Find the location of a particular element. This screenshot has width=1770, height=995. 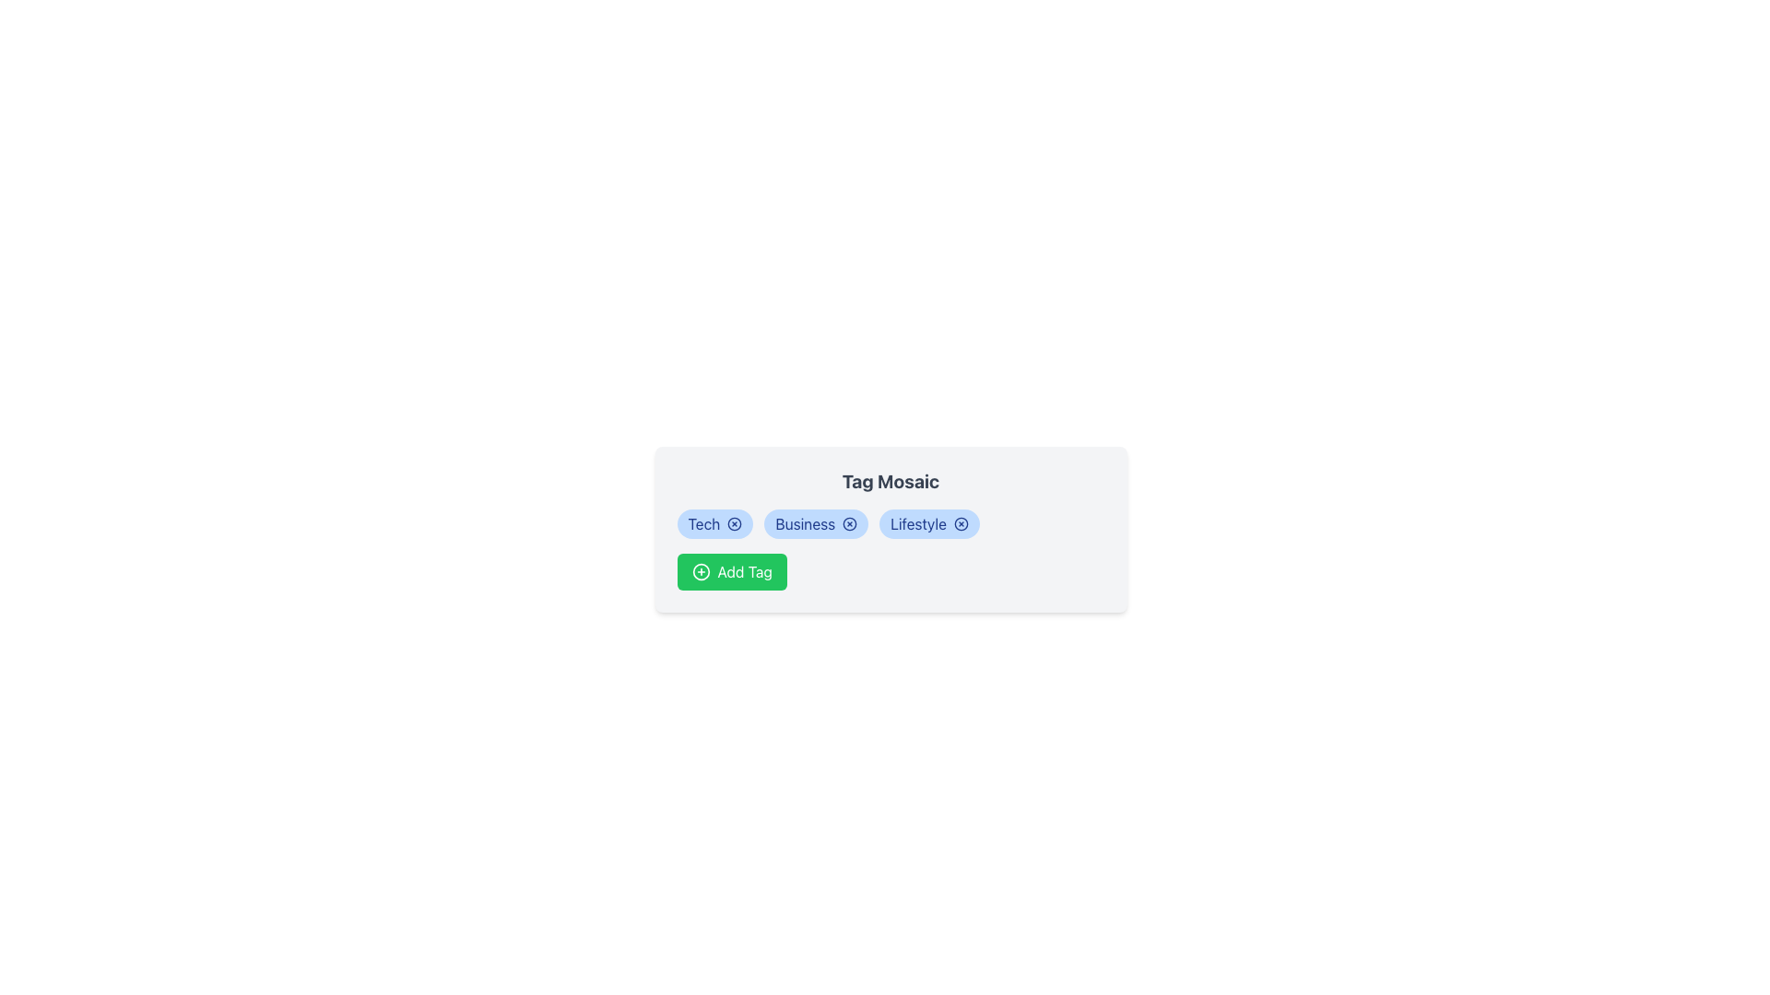

the button located at the top-right corner of the 'Lifestyle' tag is located at coordinates (960, 524).